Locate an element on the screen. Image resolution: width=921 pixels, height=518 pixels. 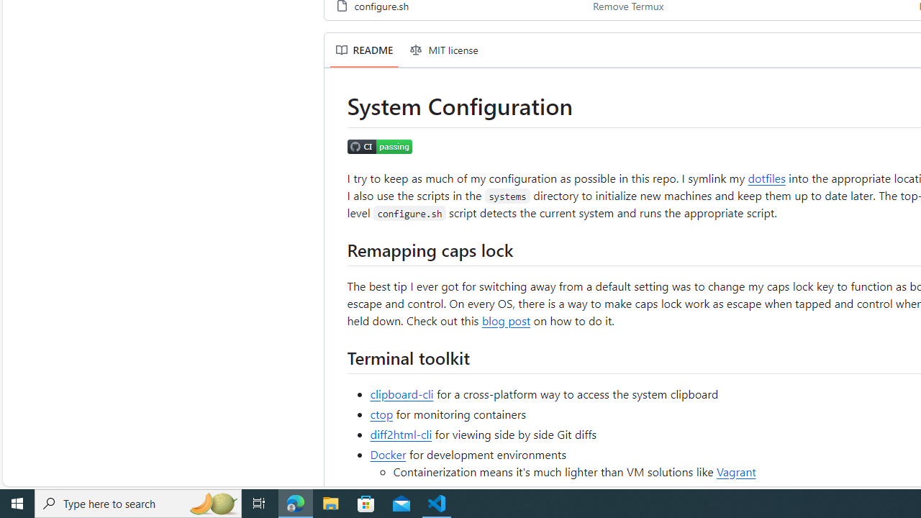
'README' is located at coordinates (364, 49).